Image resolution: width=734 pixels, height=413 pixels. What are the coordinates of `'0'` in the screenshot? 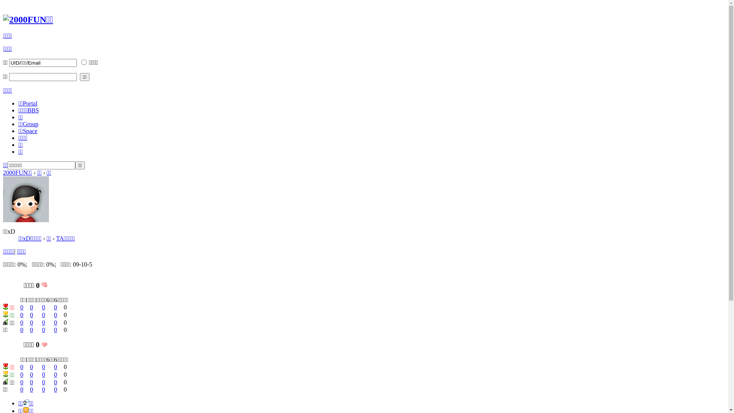 It's located at (42, 382).